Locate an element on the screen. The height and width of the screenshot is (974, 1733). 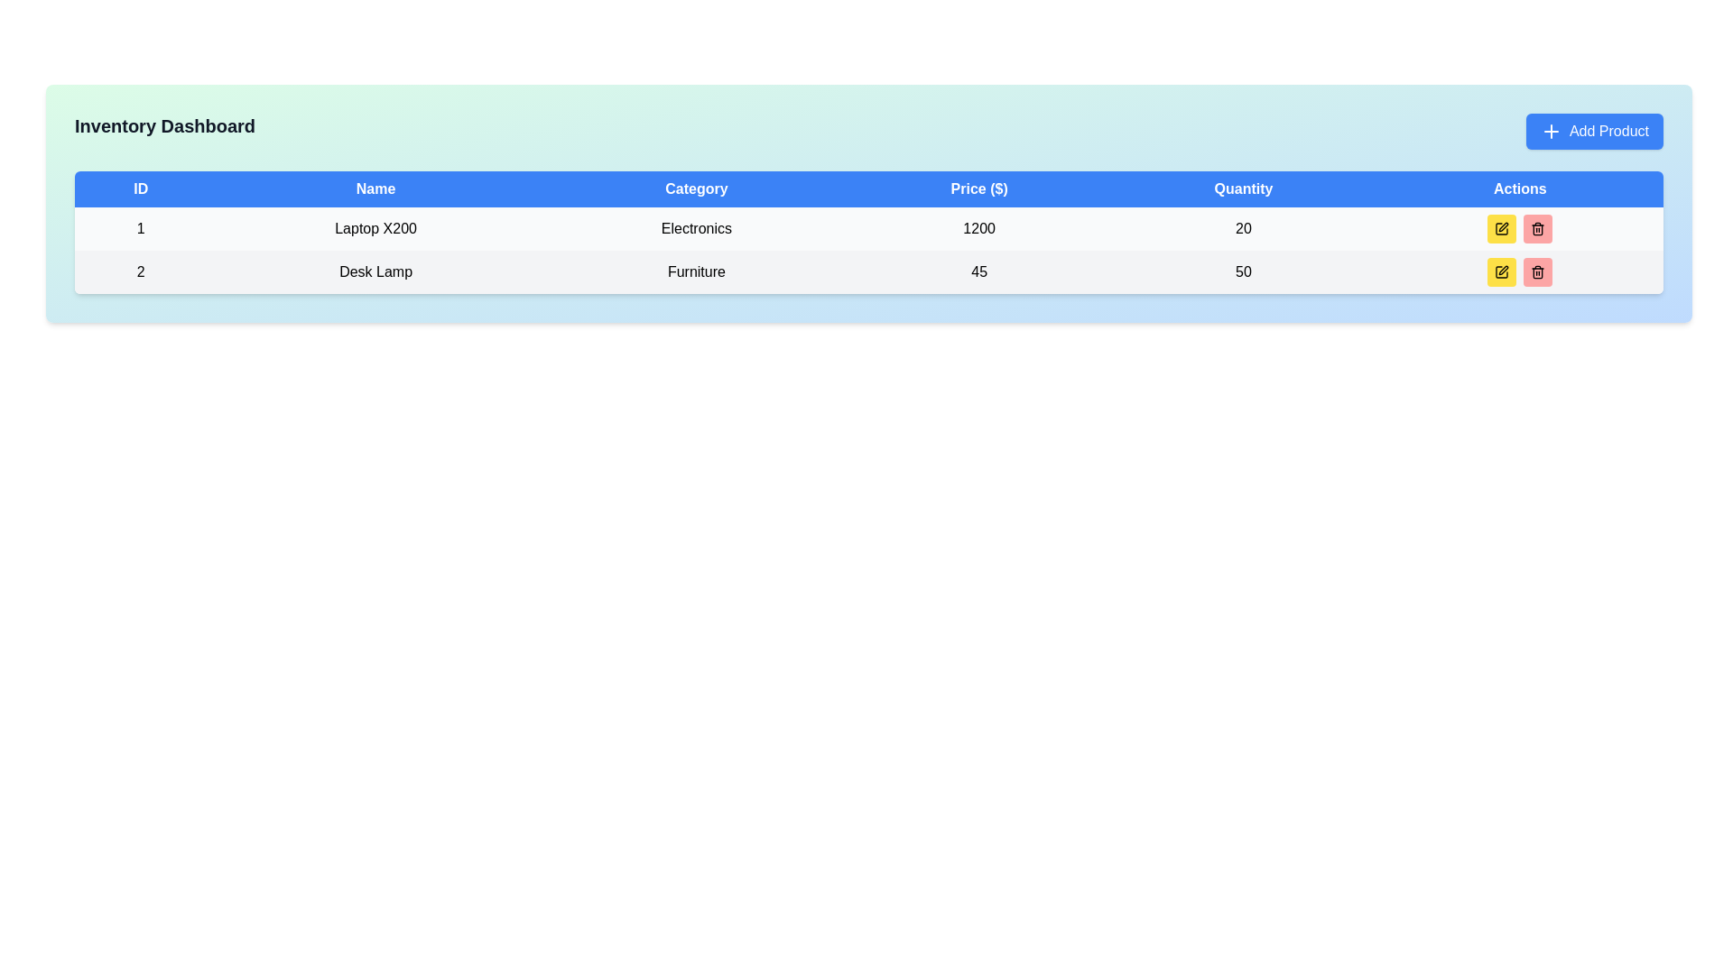
the yellow button with a pen icon in the 'Actions' column of the table for Laptop X200 is located at coordinates (1502, 228).